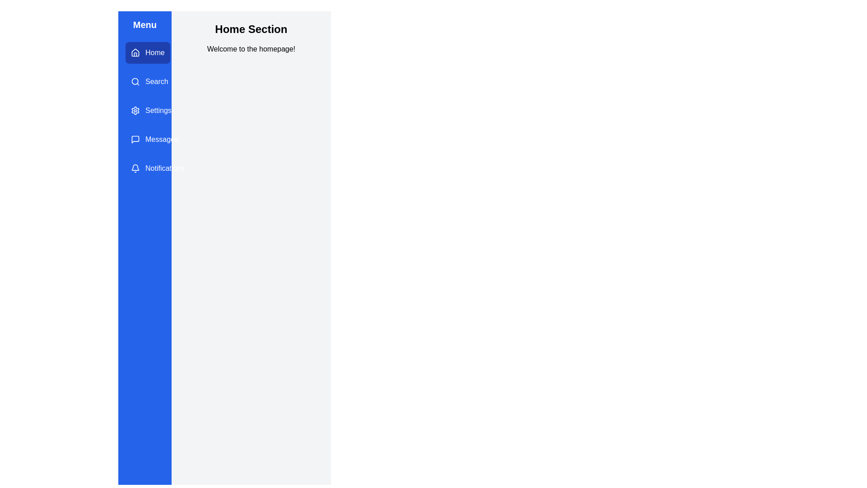 Image resolution: width=867 pixels, height=488 pixels. Describe the element at coordinates (144, 110) in the screenshot. I see `the 'Settings' menu item in the blue sidebar` at that location.